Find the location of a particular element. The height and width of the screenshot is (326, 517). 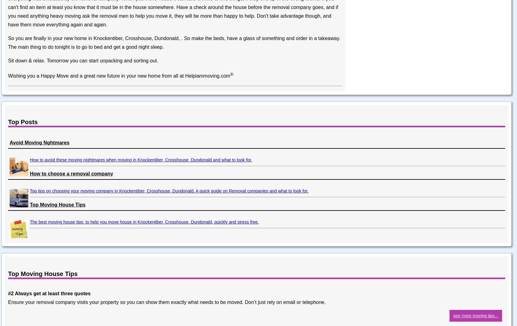

'Top Posts' is located at coordinates (22, 121).